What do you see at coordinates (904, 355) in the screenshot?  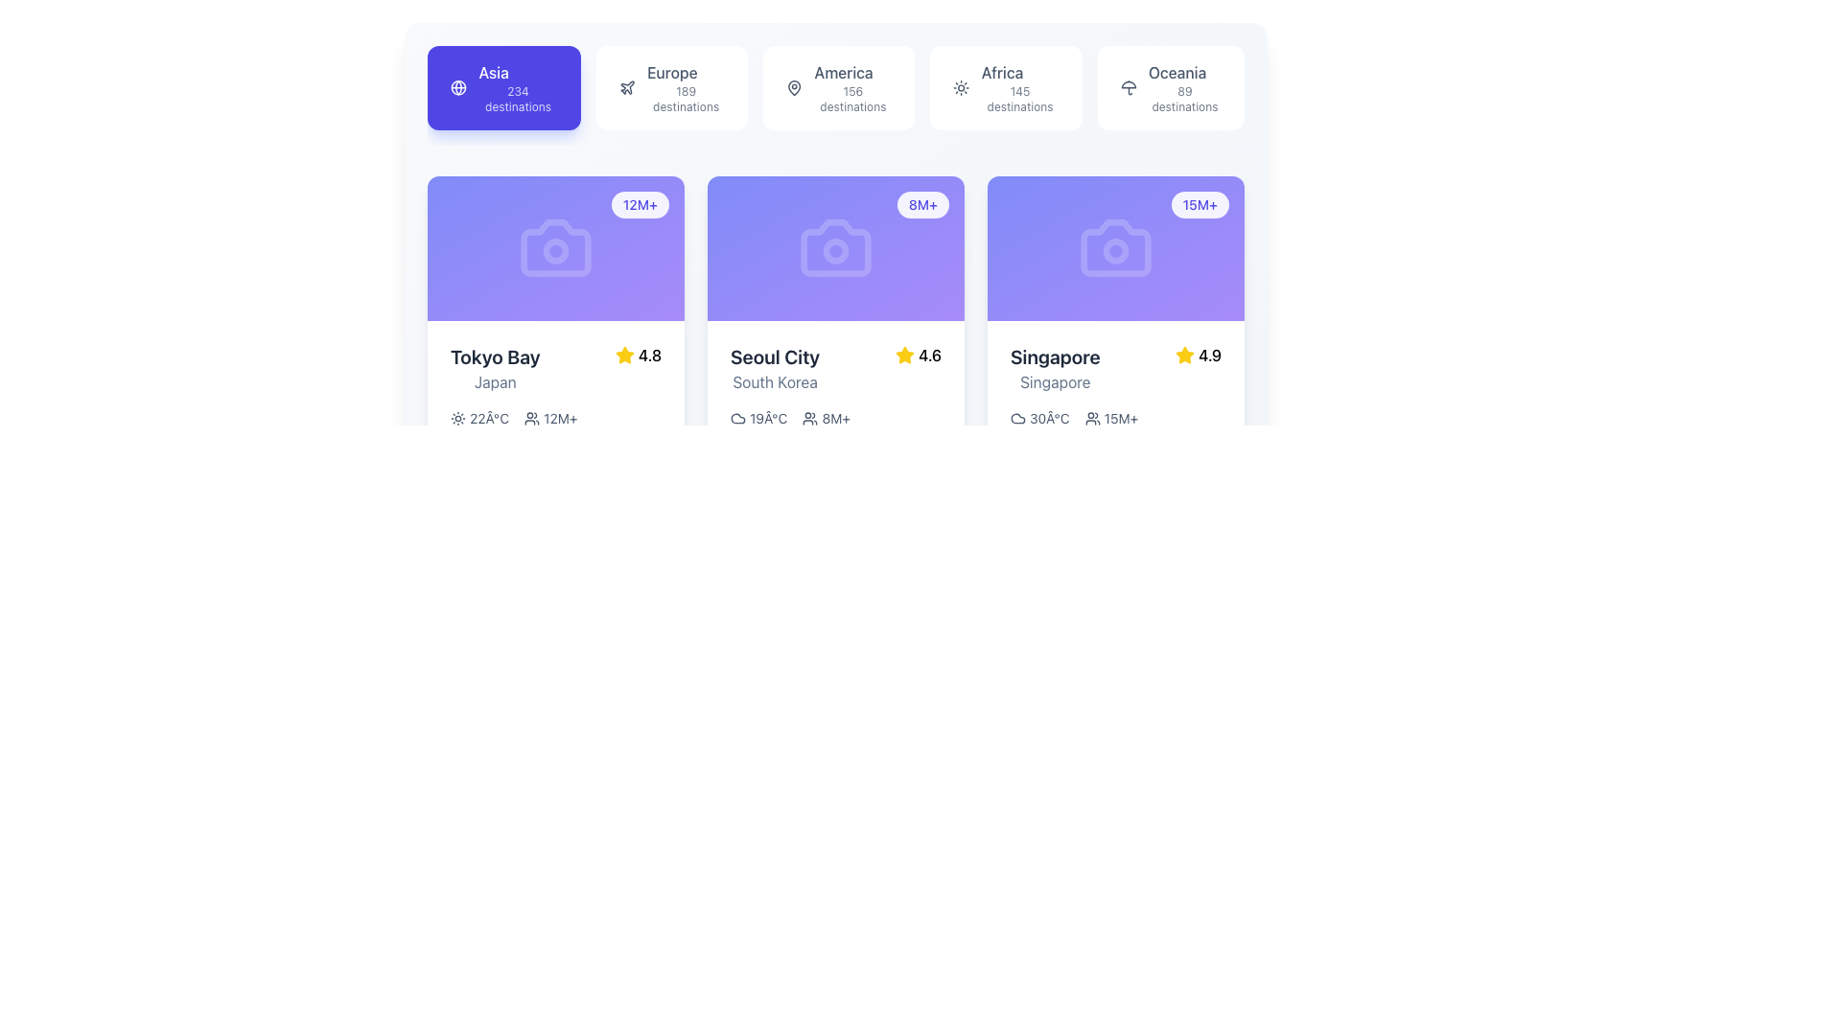 I see `the star icon representing the rating indicator for the destination 'Seoul City' in the second card from the left` at bounding box center [904, 355].